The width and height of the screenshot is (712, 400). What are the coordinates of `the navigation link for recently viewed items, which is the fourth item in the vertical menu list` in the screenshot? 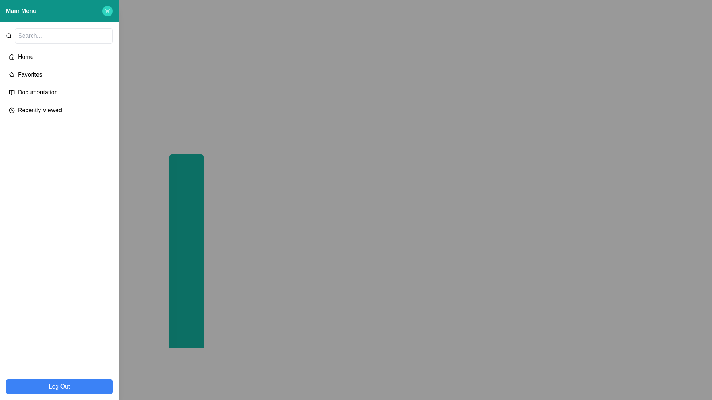 It's located at (59, 110).